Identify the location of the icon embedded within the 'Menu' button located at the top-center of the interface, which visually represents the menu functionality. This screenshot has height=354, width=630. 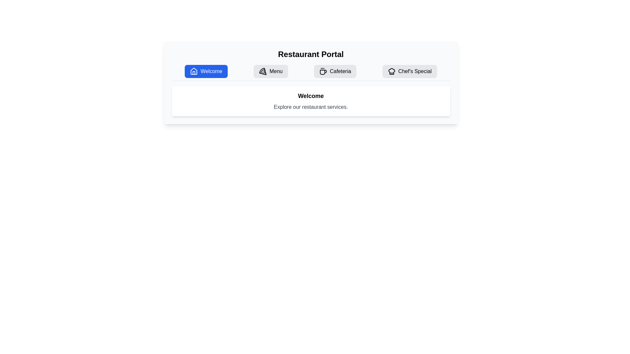
(263, 71).